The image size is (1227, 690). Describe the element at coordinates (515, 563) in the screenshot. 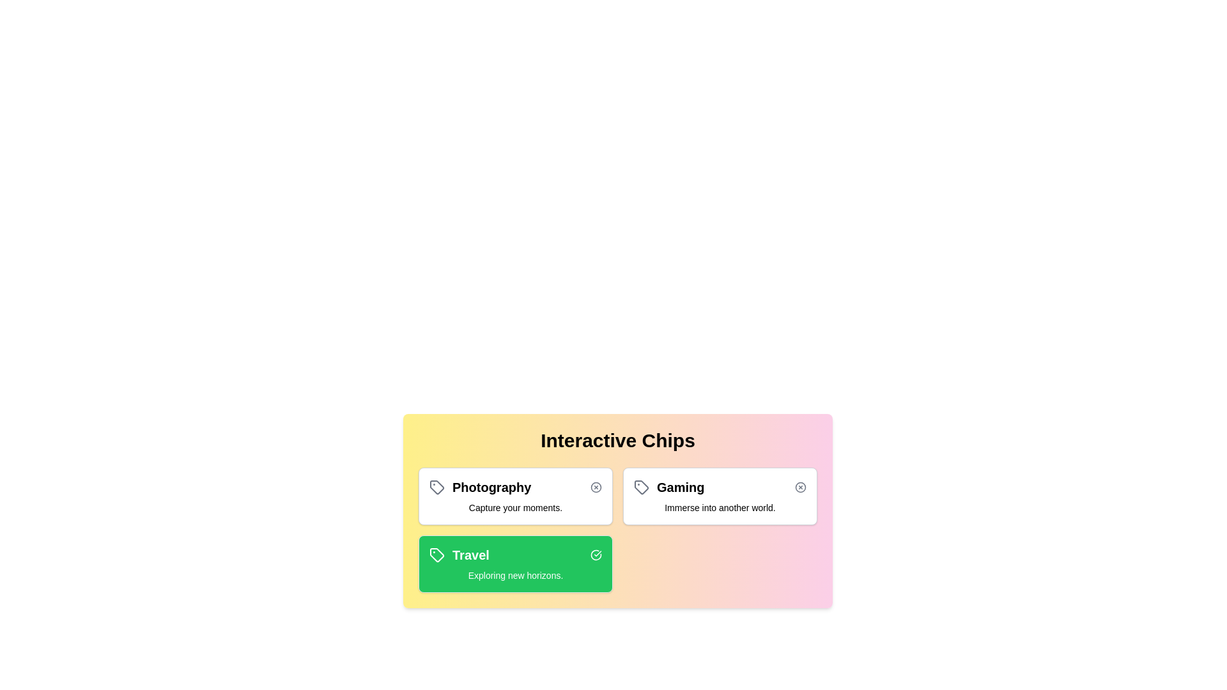

I see `the chip labeled 'Travel' to observe its hover effect` at that location.